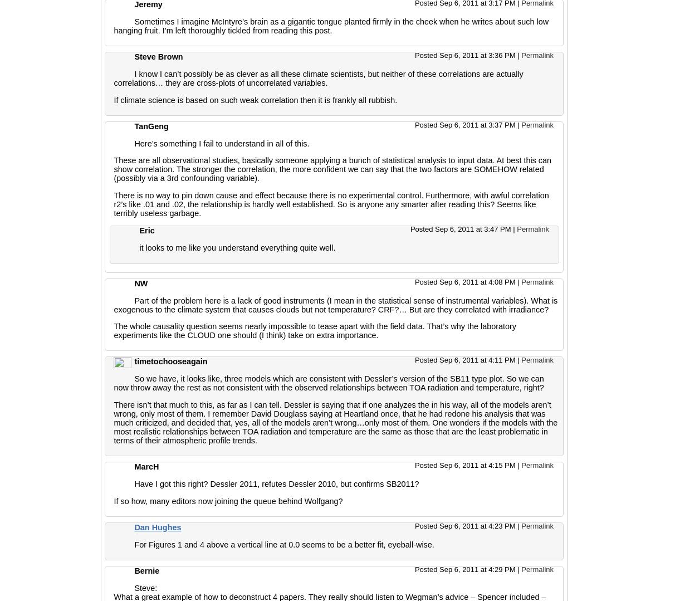 Image resolution: width=675 pixels, height=601 pixels. I want to click on 'Posted Sep 6, 2011 at 4:11 PM', so click(466, 359).